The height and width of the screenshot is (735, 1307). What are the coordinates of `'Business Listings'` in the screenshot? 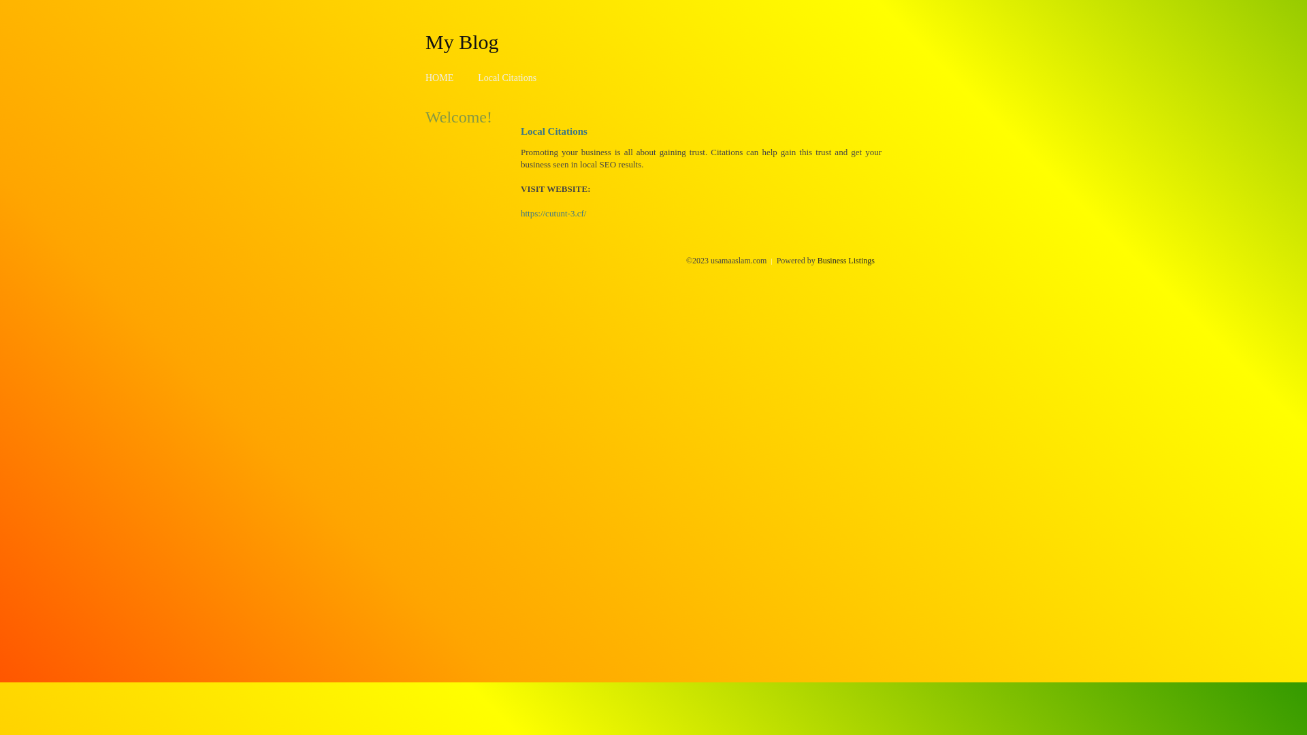 It's located at (845, 260).